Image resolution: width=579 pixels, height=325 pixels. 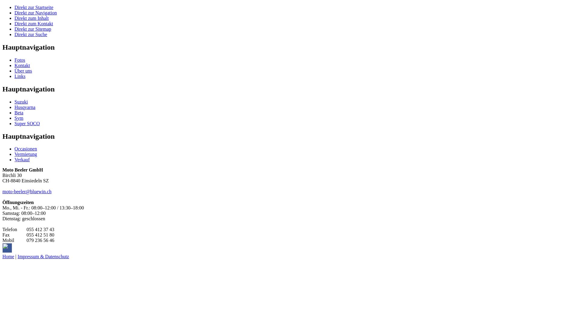 I want to click on 'Kontakt', so click(x=22, y=65).